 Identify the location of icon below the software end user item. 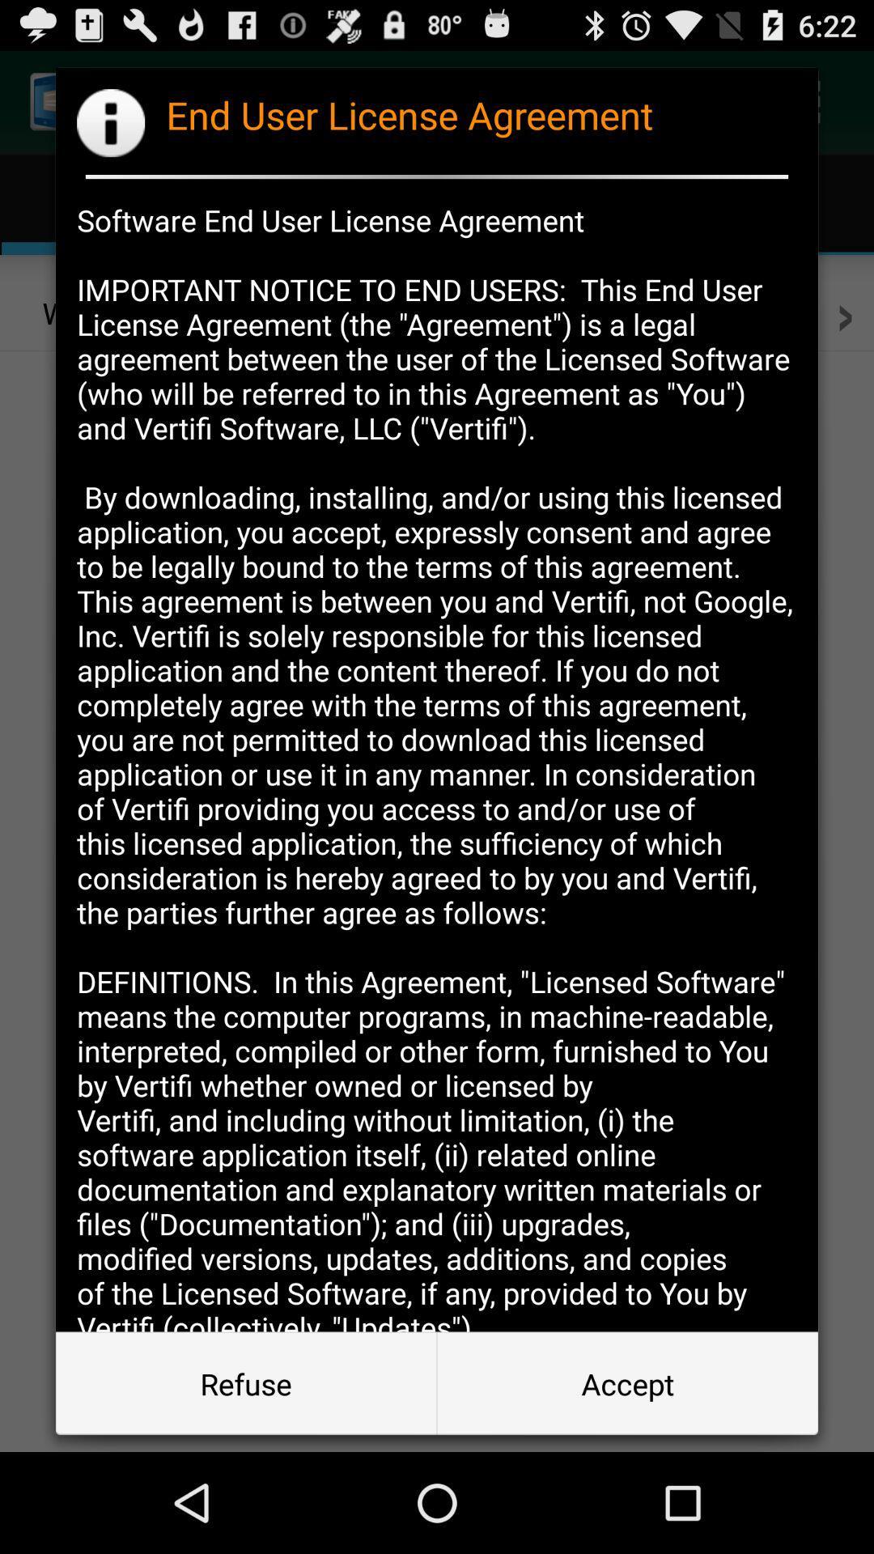
(246, 1382).